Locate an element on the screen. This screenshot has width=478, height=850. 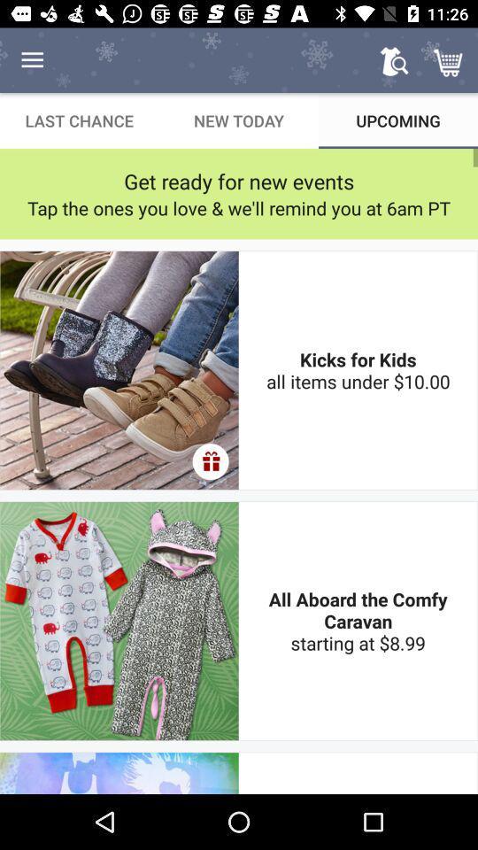
get ready for icon is located at coordinates (239, 181).